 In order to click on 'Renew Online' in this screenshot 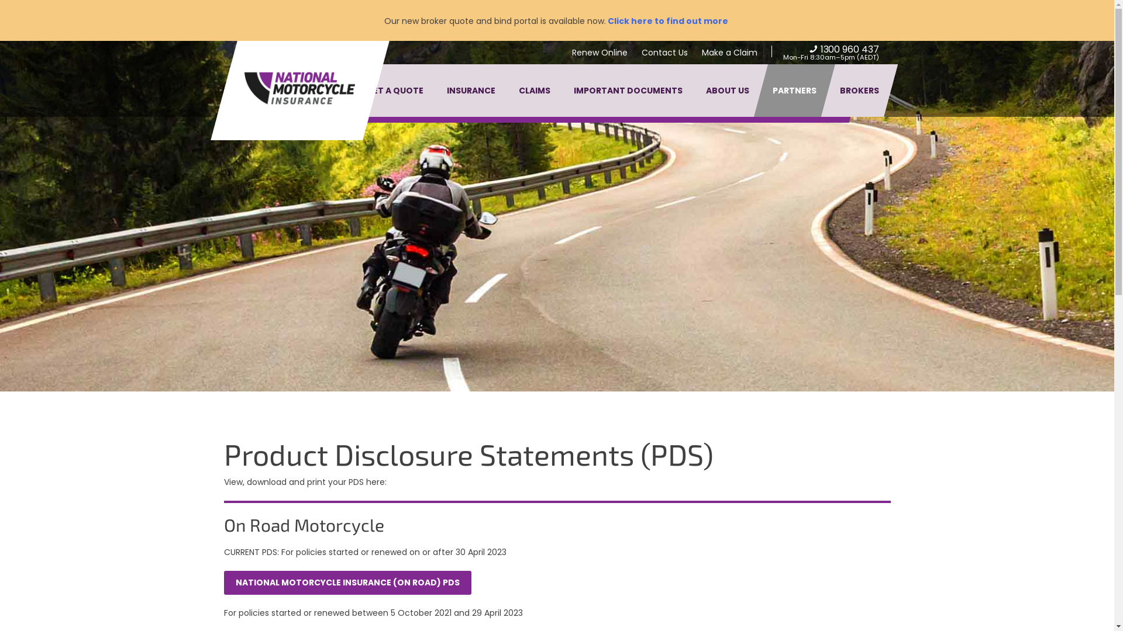, I will do `click(600, 51)`.